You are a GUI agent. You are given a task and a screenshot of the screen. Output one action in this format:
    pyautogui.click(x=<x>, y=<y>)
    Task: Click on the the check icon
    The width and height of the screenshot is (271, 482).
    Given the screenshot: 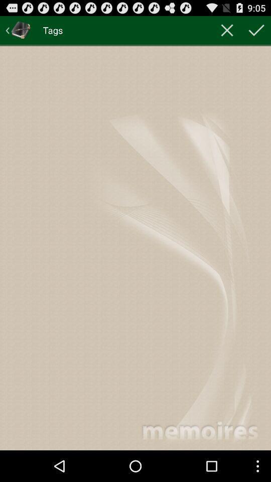 What is the action you would take?
    pyautogui.click(x=256, y=32)
    